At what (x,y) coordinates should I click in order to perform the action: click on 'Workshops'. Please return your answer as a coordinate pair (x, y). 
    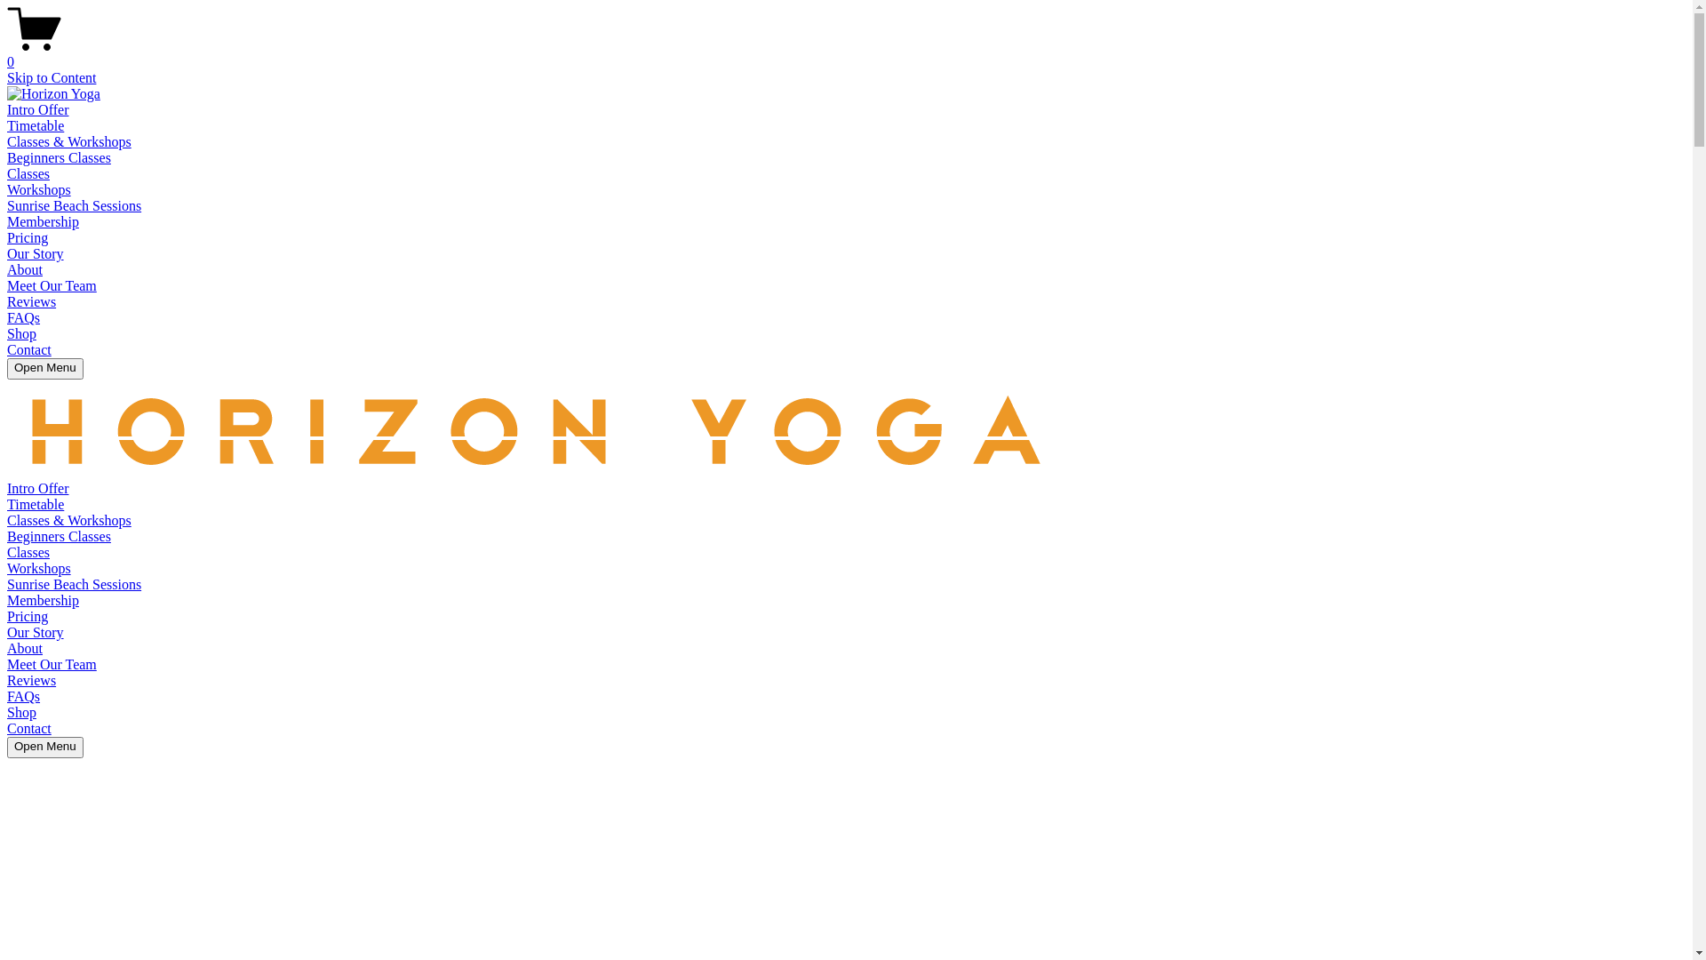
    Looking at the image, I should click on (38, 568).